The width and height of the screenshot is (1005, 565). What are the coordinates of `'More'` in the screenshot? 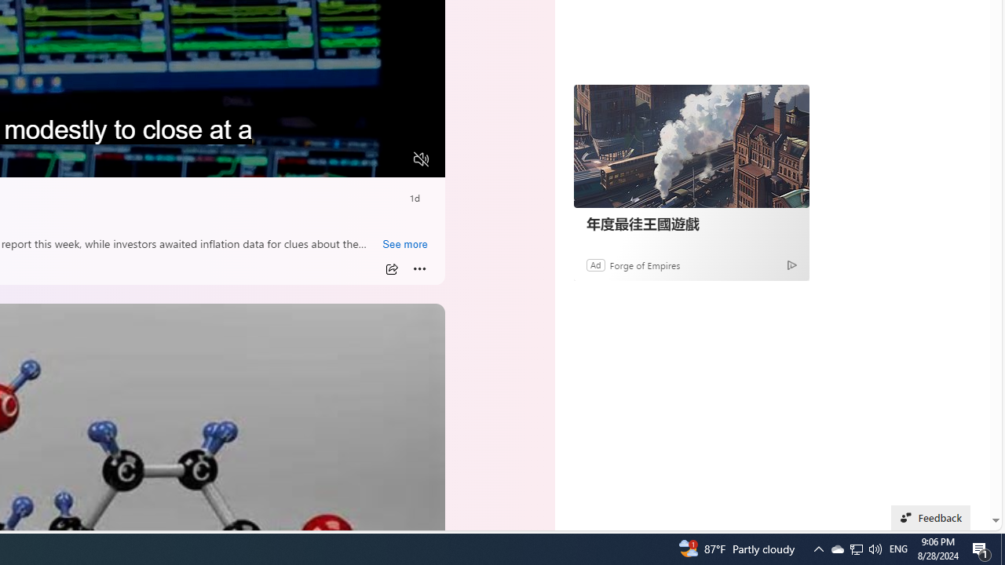 It's located at (419, 268).